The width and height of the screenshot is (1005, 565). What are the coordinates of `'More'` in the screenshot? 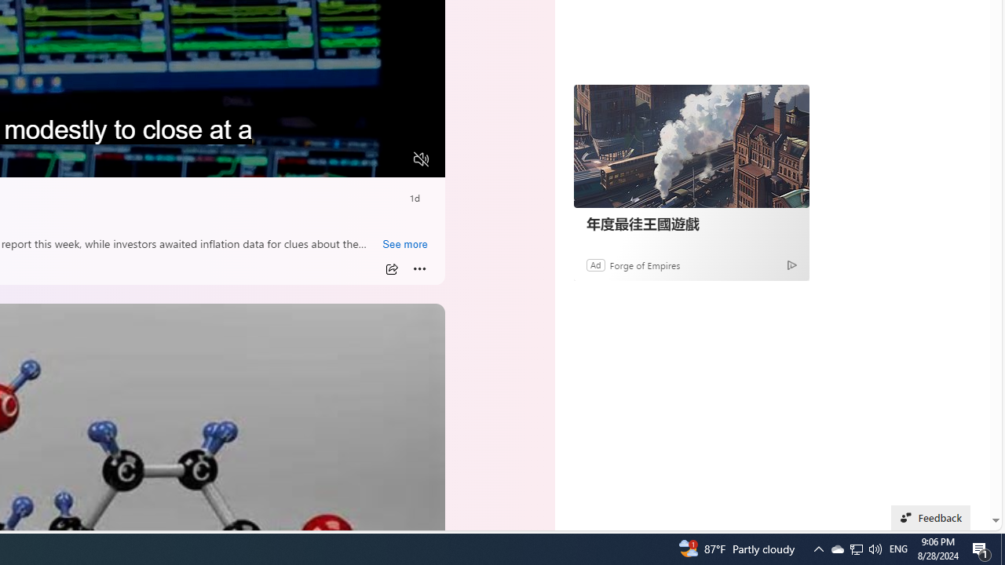 It's located at (419, 268).